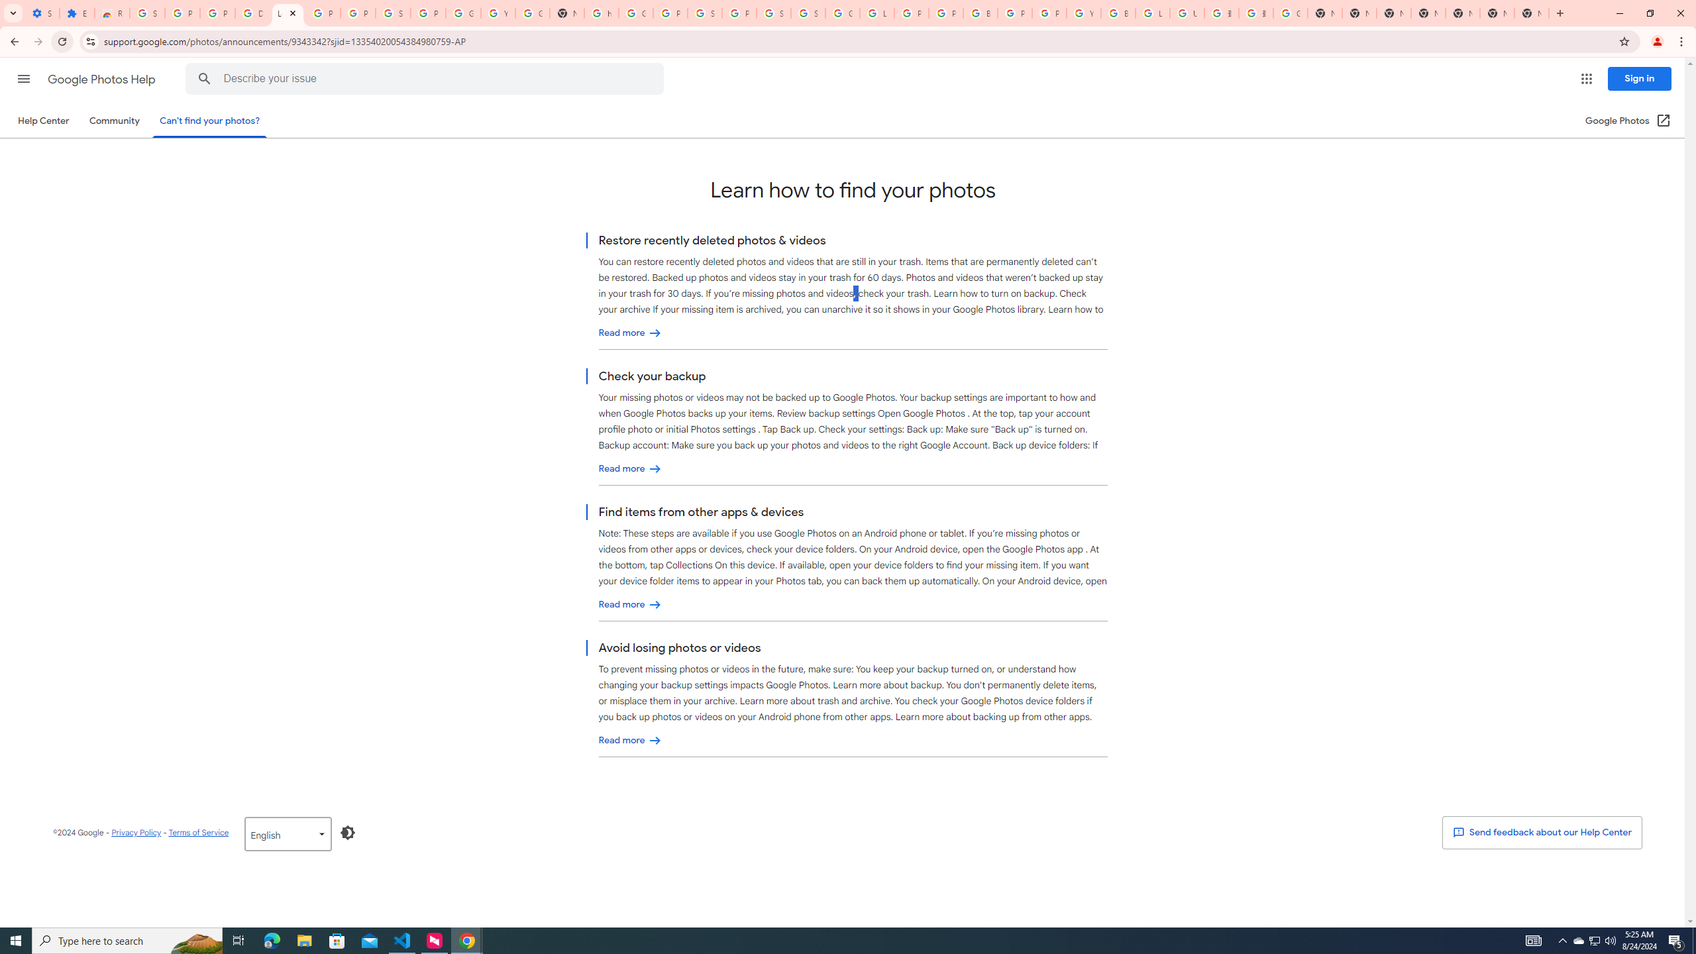  What do you see at coordinates (462, 13) in the screenshot?
I see `'Google Account'` at bounding box center [462, 13].